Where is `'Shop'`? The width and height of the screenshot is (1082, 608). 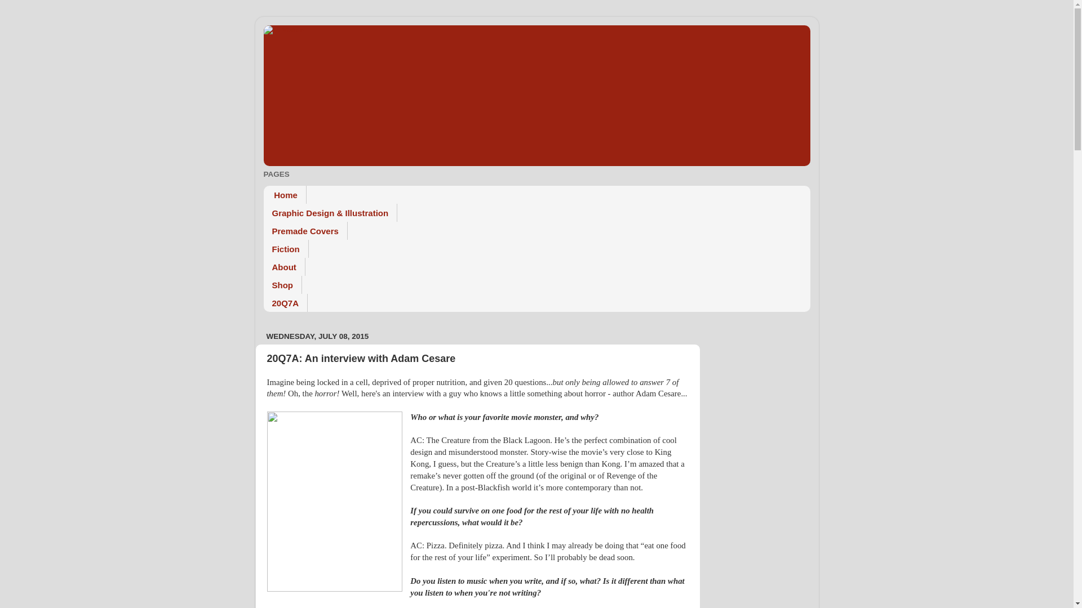 'Shop' is located at coordinates (283, 284).